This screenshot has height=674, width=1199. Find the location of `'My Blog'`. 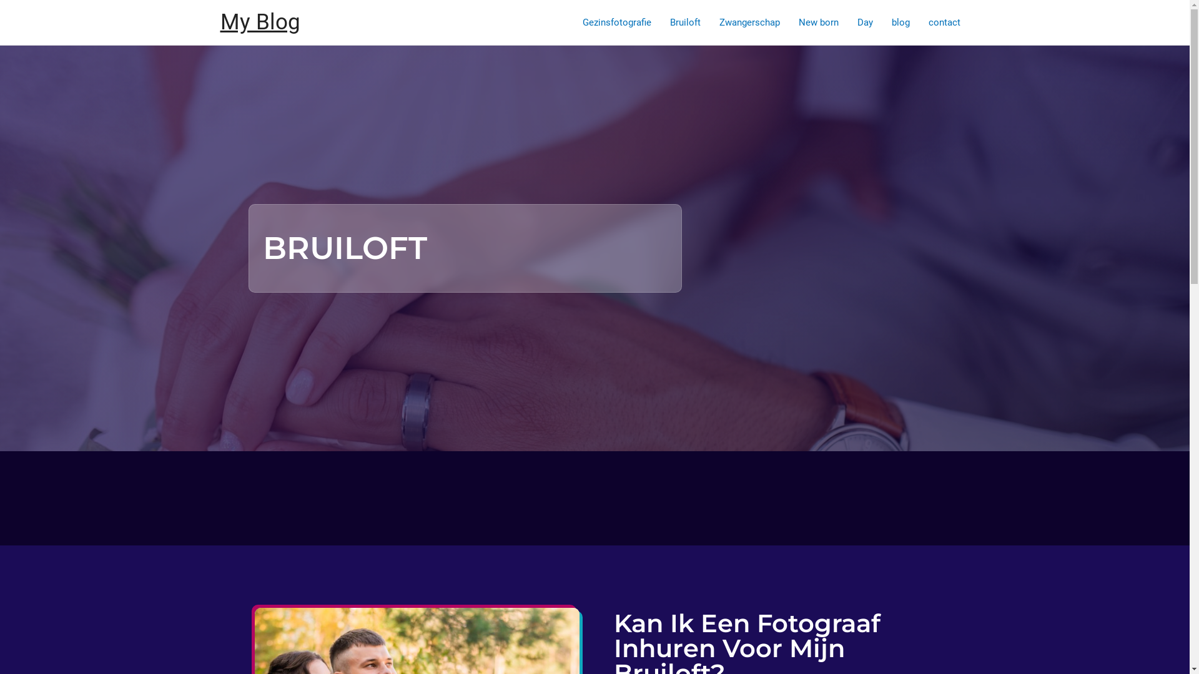

'My Blog' is located at coordinates (259, 22).